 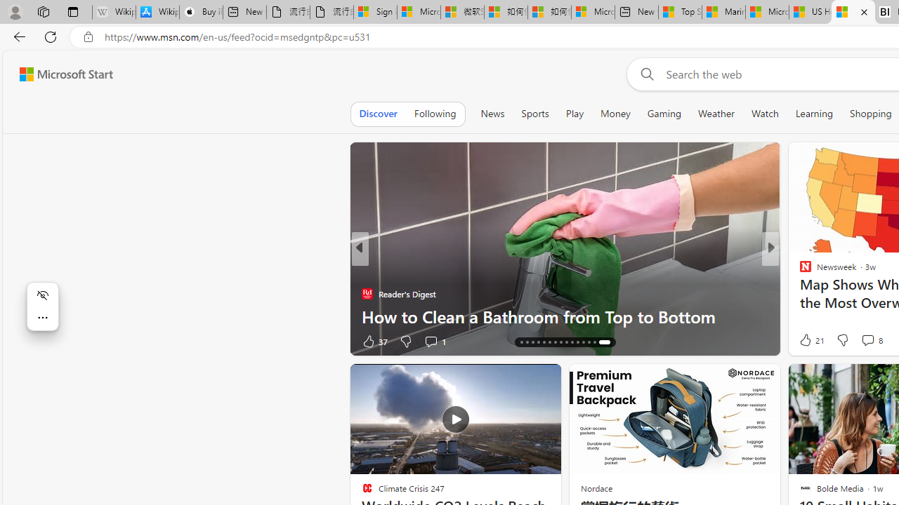 What do you see at coordinates (799, 293) in the screenshot?
I see `'SlashGear'` at bounding box center [799, 293].